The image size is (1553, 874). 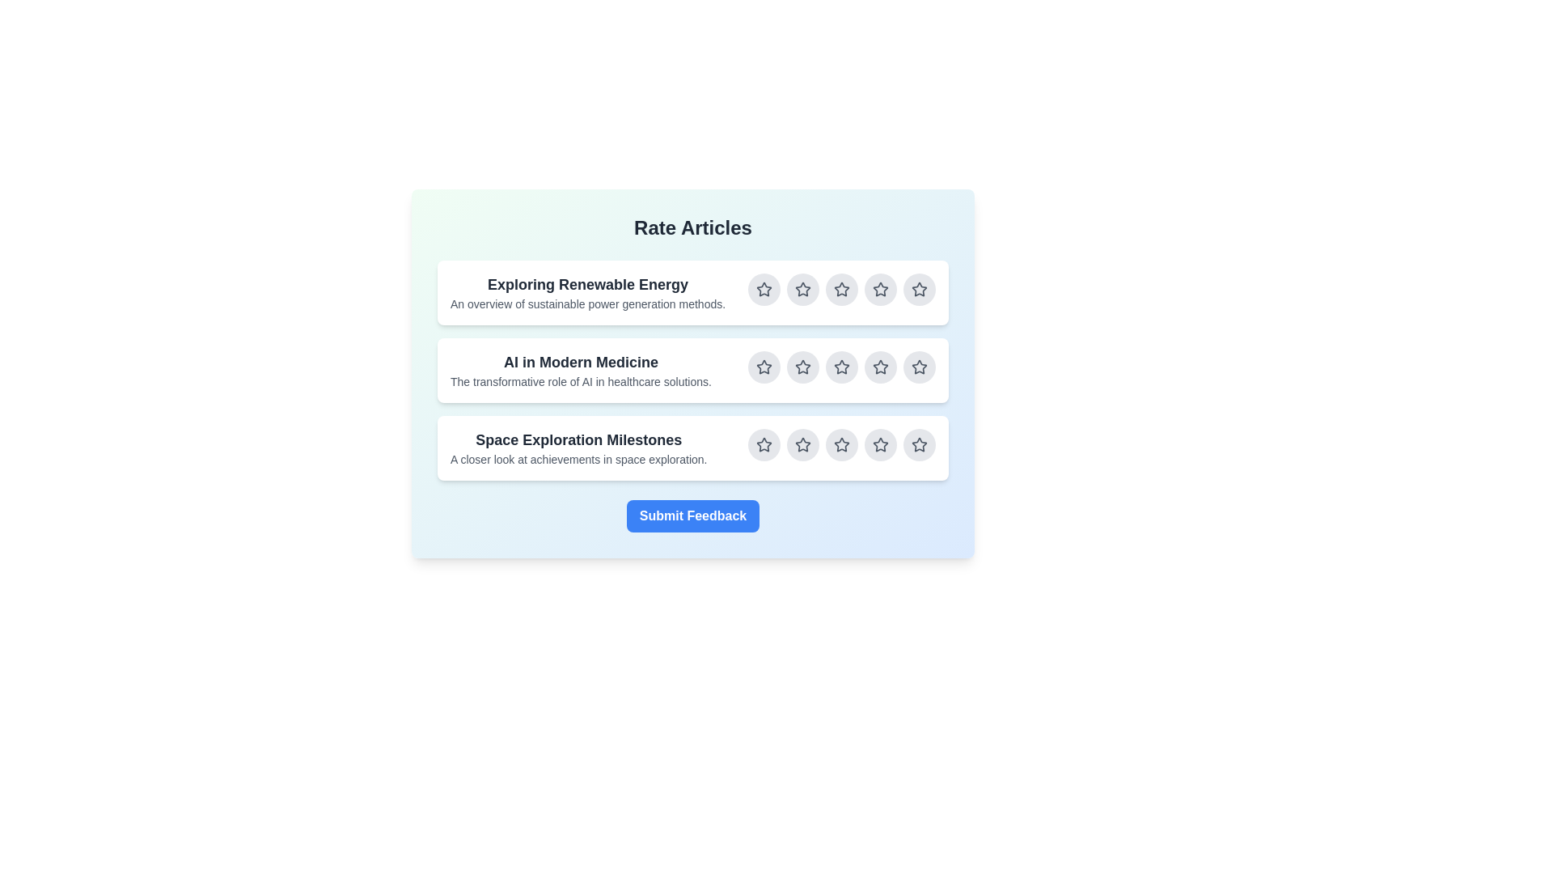 What do you see at coordinates (841, 289) in the screenshot?
I see `the rating for an article to 3 stars by clicking on the corresponding star` at bounding box center [841, 289].